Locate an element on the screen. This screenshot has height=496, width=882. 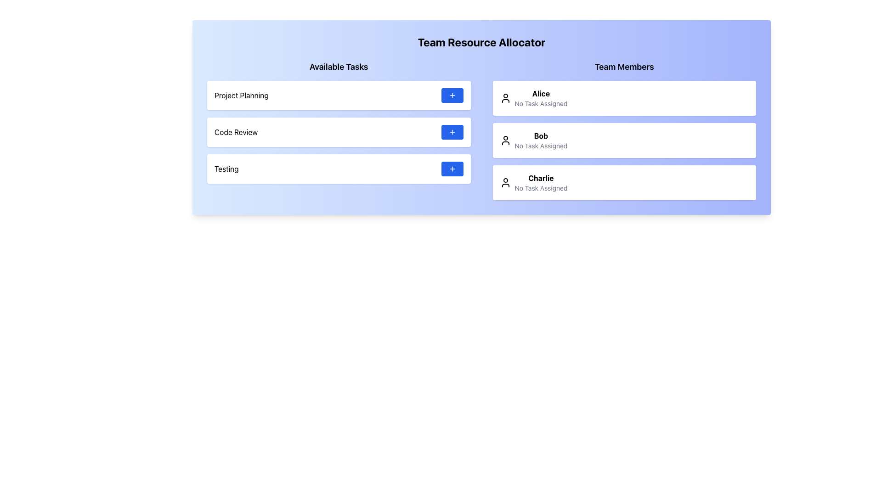
the Informational card displaying the name 'Charlie' and the status 'No Task Assigned' is located at coordinates (624, 182).